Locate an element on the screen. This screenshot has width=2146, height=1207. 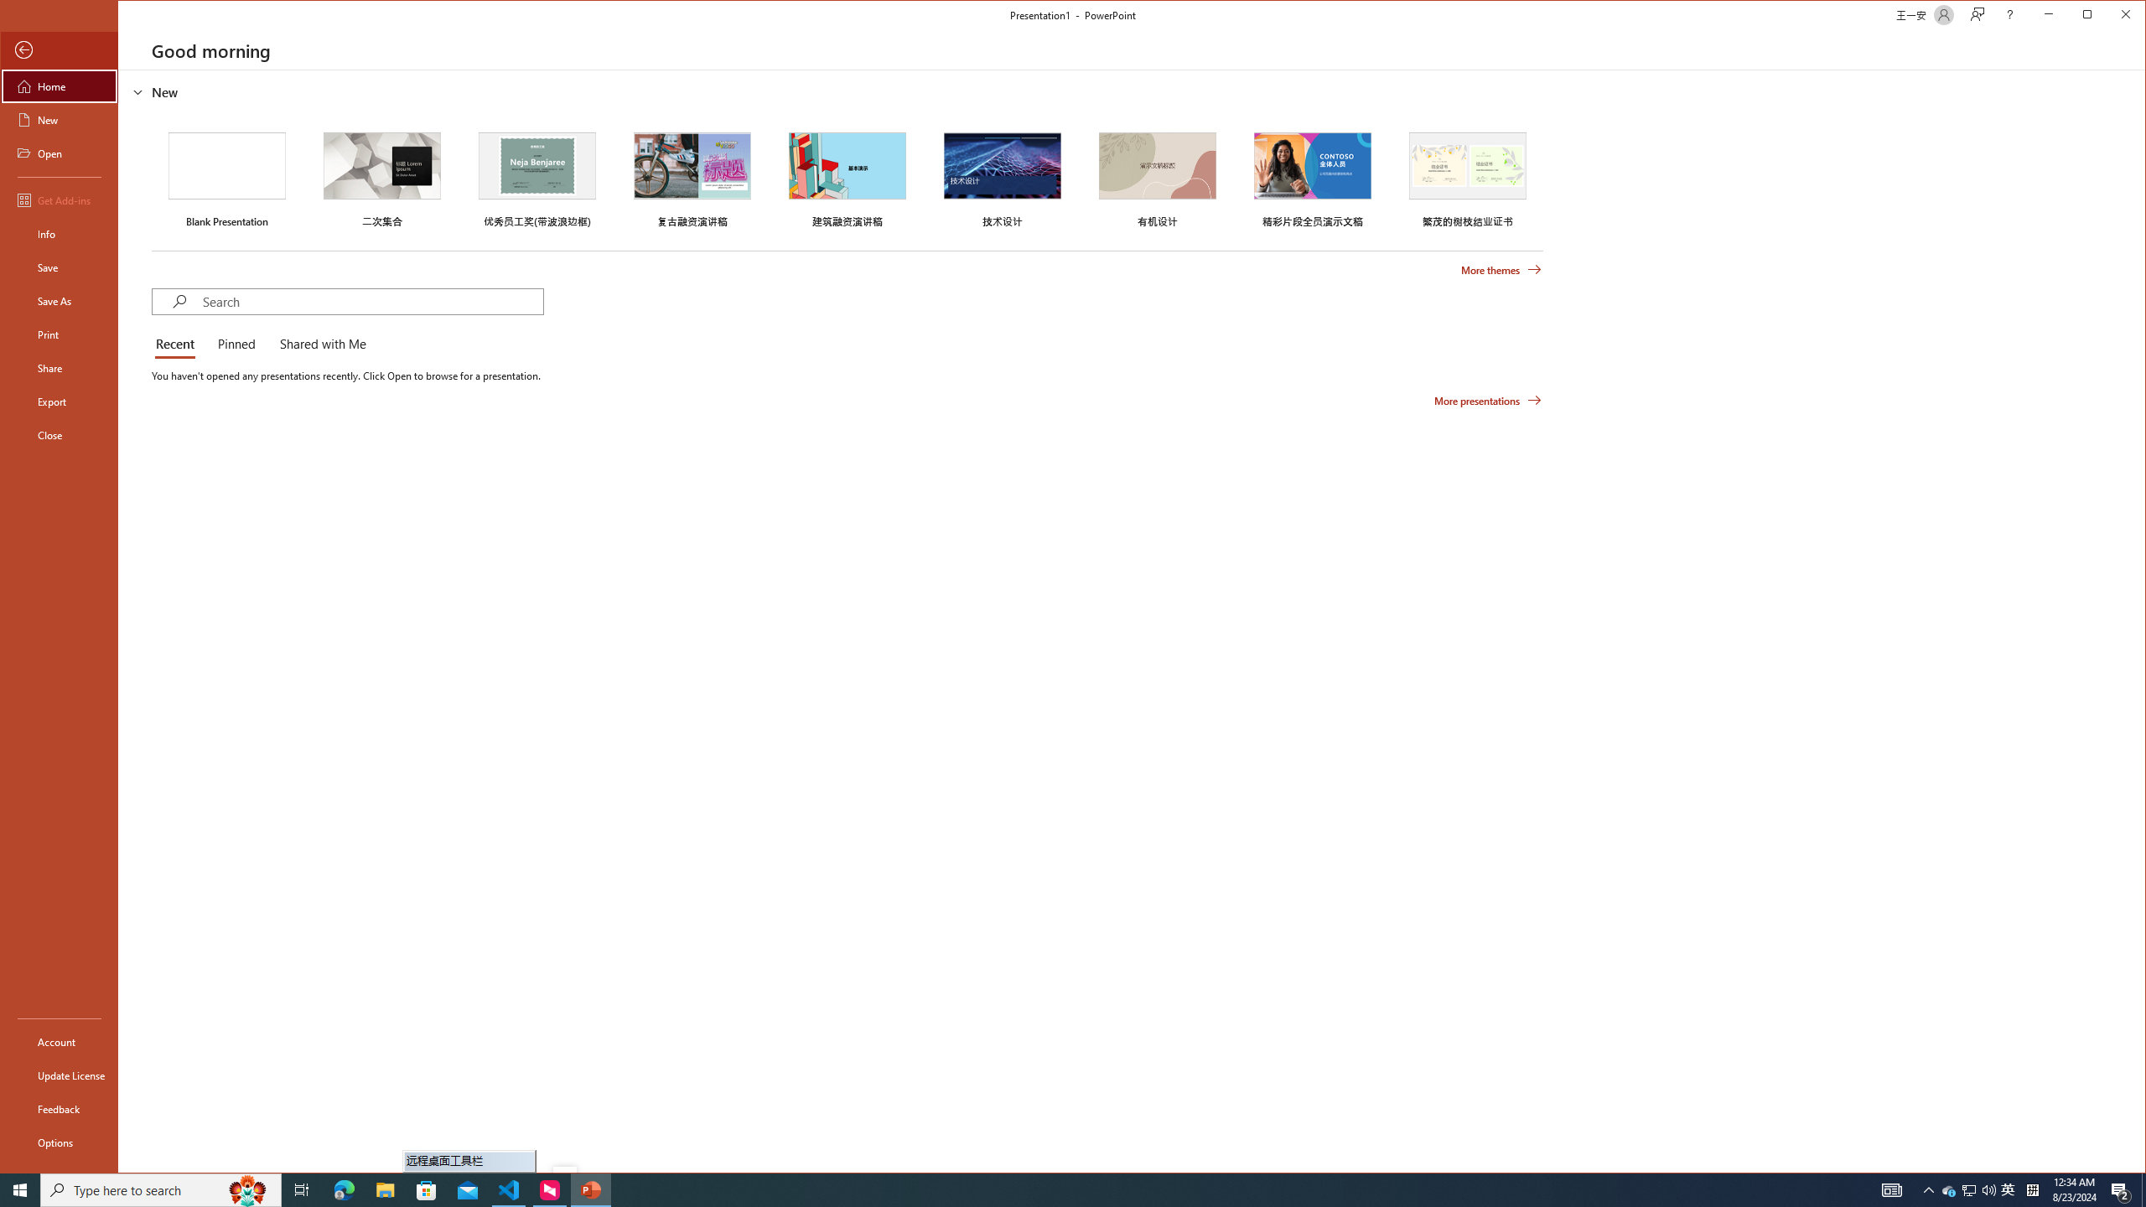
'Feedback' is located at coordinates (58, 1108).